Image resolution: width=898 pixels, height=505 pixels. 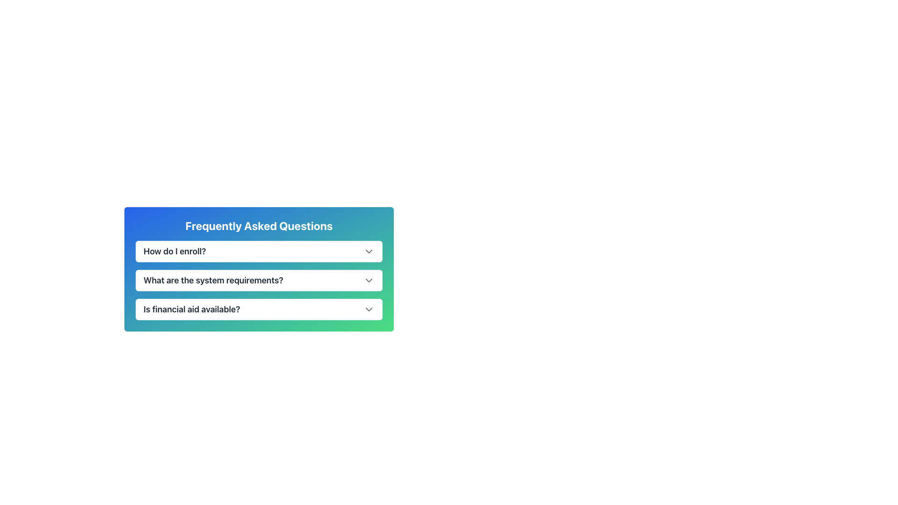 What do you see at coordinates (368, 310) in the screenshot?
I see `the toggle button located at the far right of the row labeled 'Is financial aid available?'` at bounding box center [368, 310].